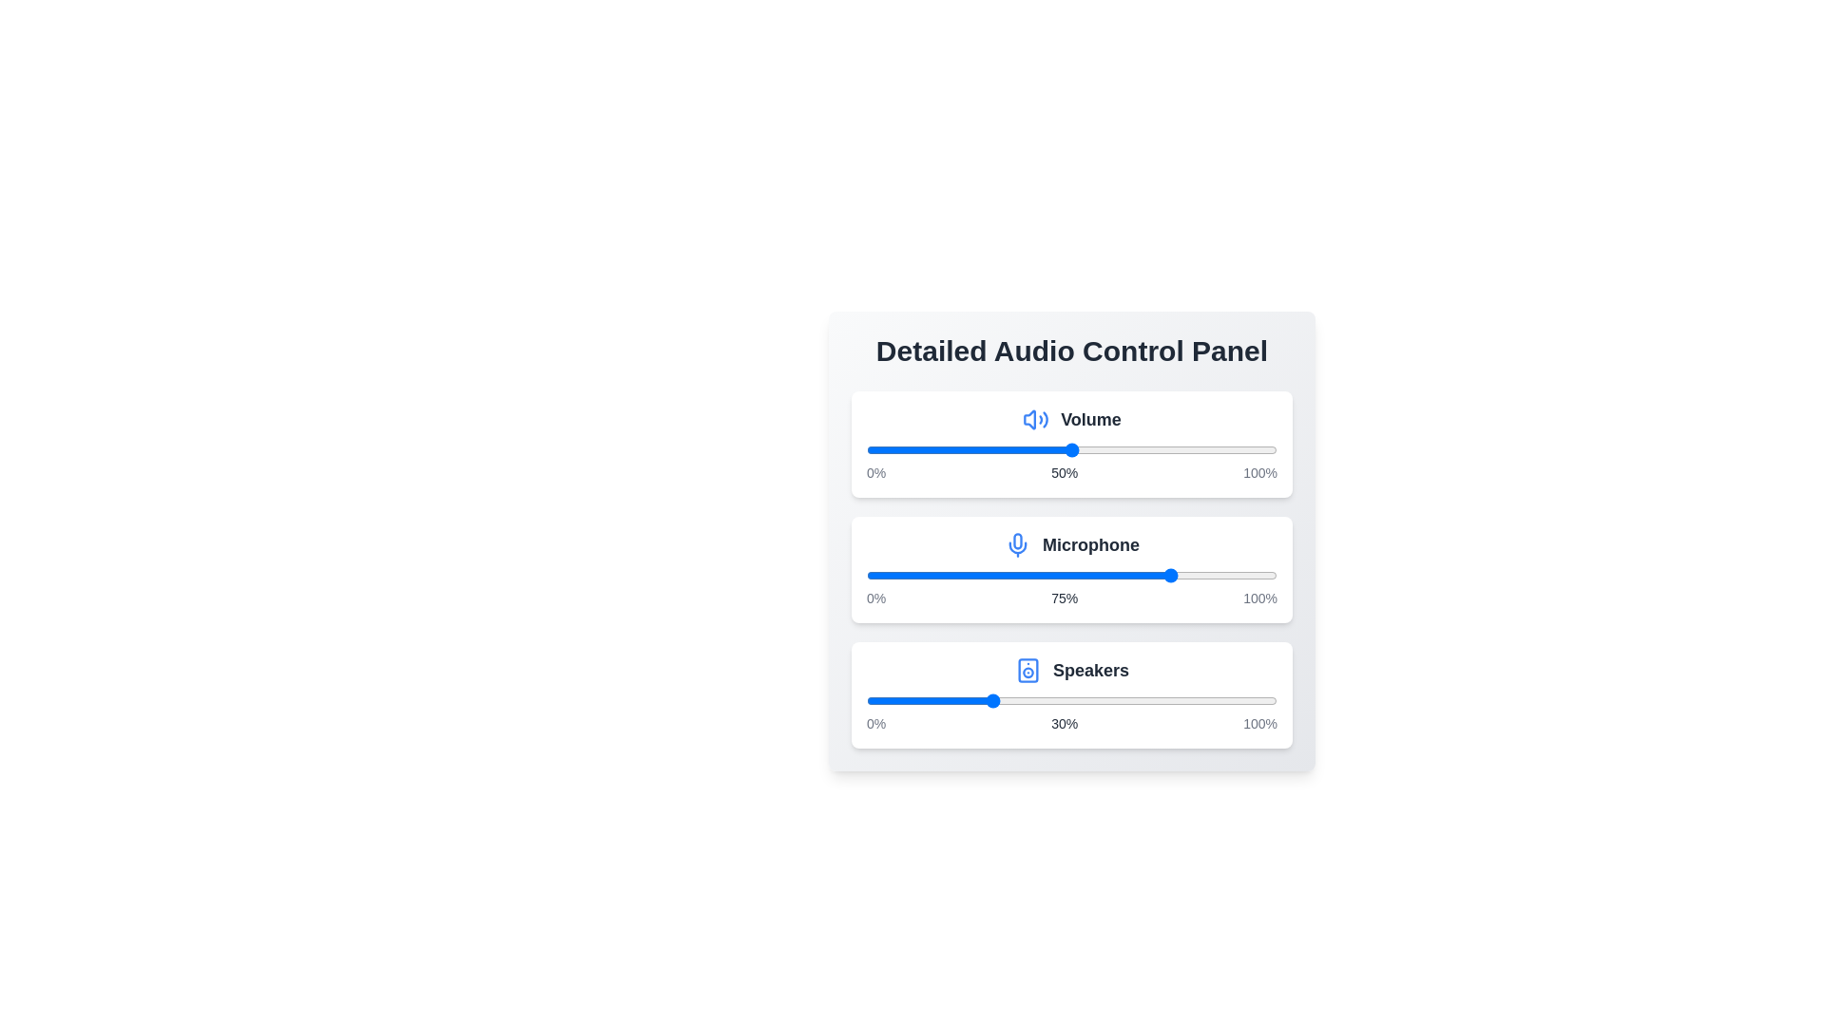 This screenshot has height=1026, width=1825. I want to click on the speaker level to 16% using the slider, so click(932, 700).